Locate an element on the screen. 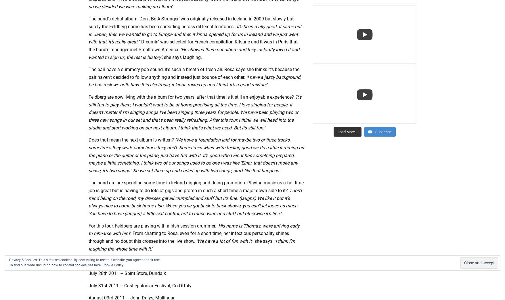 This screenshot has height=300, width=505. '‘He showed them our album and they instantly loved it and wanted to sign us, the rest is history’' is located at coordinates (89, 53).